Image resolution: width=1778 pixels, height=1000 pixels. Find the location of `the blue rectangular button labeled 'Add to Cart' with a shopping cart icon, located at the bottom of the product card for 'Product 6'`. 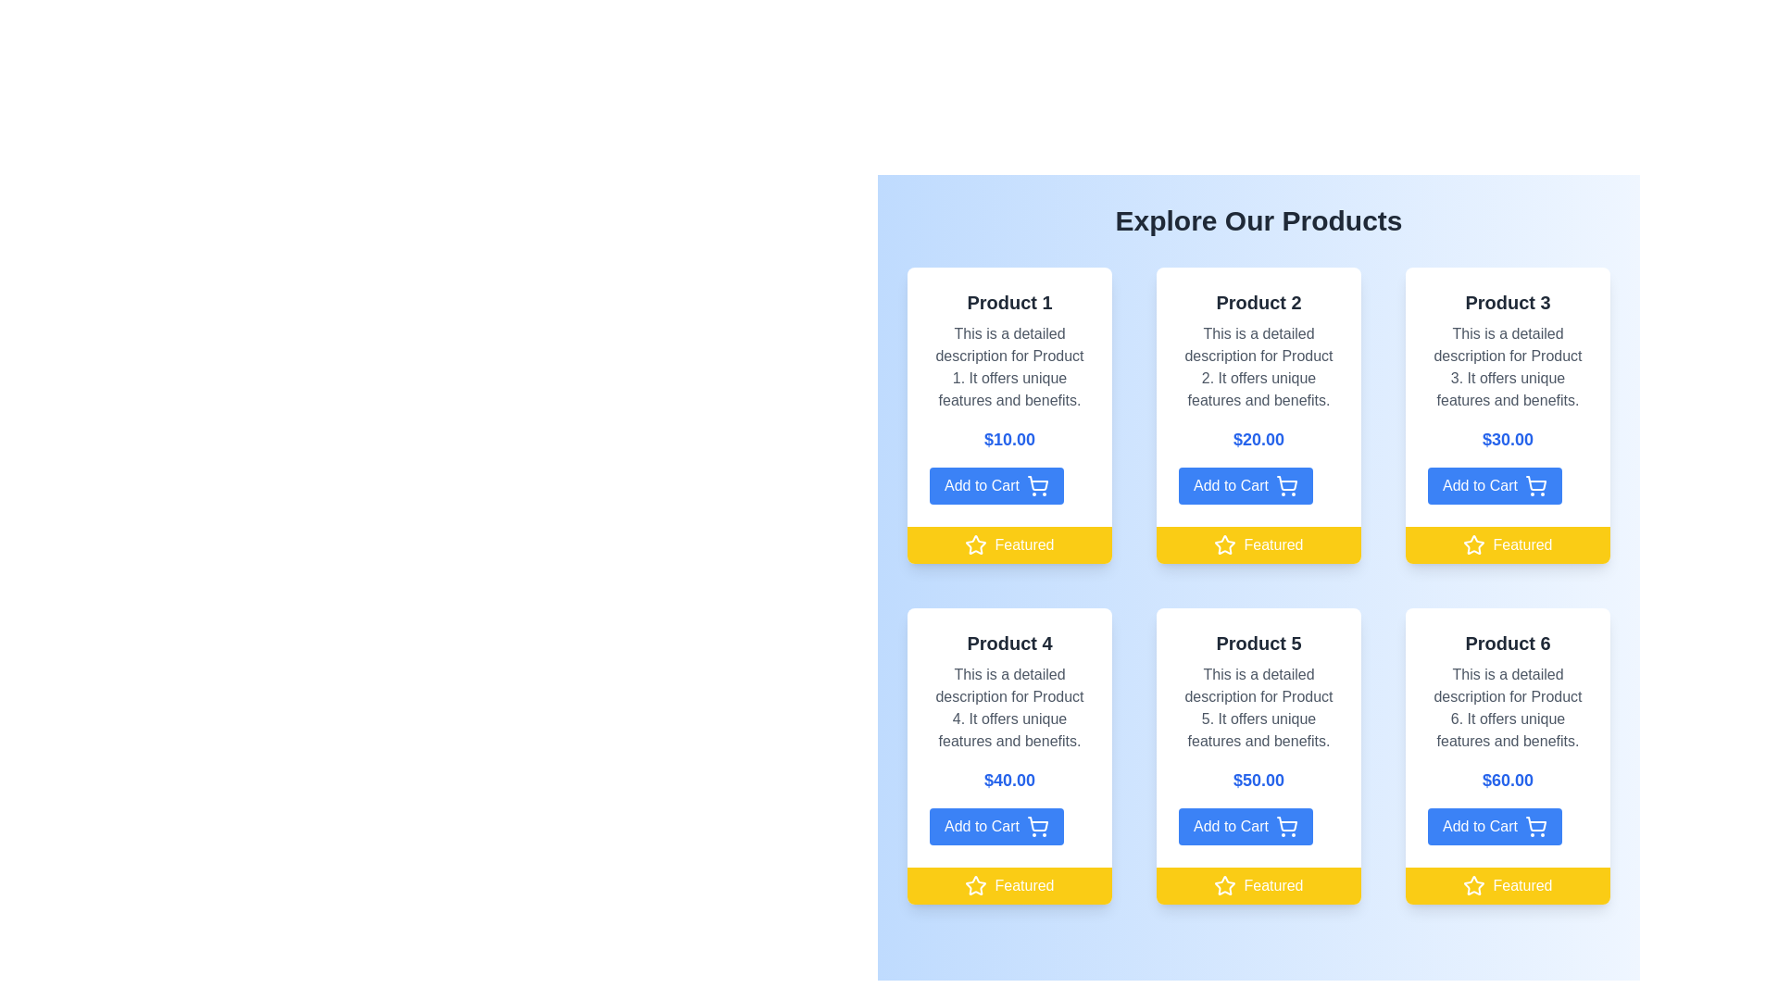

the blue rectangular button labeled 'Add to Cart' with a shopping cart icon, located at the bottom of the product card for 'Product 6' is located at coordinates (1495, 826).